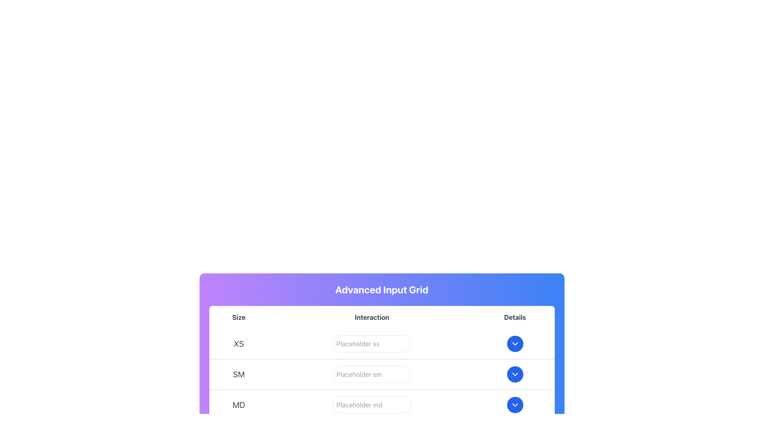 Image resolution: width=782 pixels, height=440 pixels. What do you see at coordinates (514, 344) in the screenshot?
I see `the blue circular button icon located in the 'Details' column of the first row in the table` at bounding box center [514, 344].